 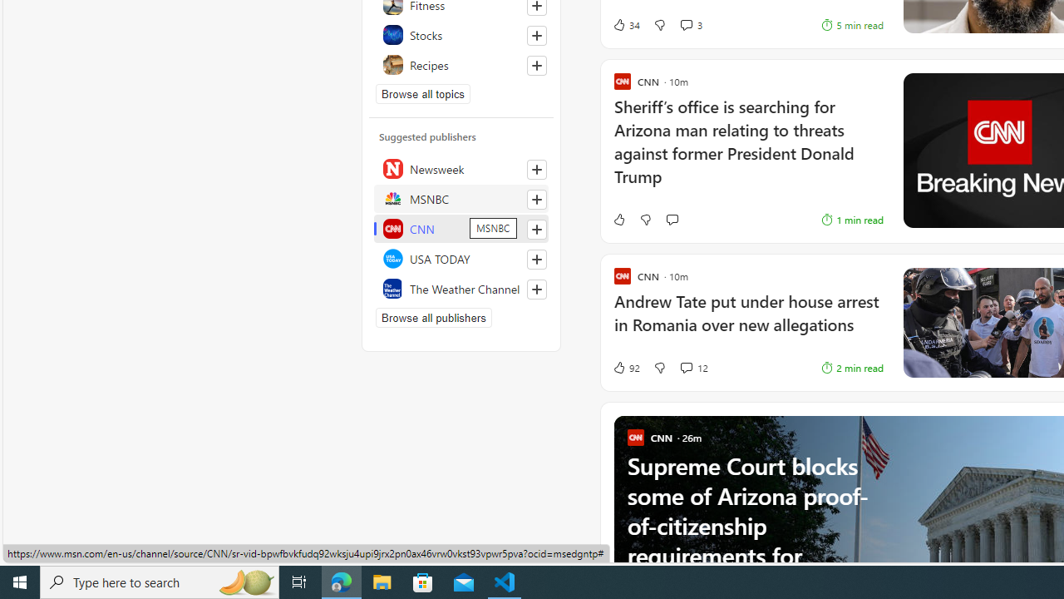 I want to click on 'View comments 3 Comment', so click(x=690, y=25).